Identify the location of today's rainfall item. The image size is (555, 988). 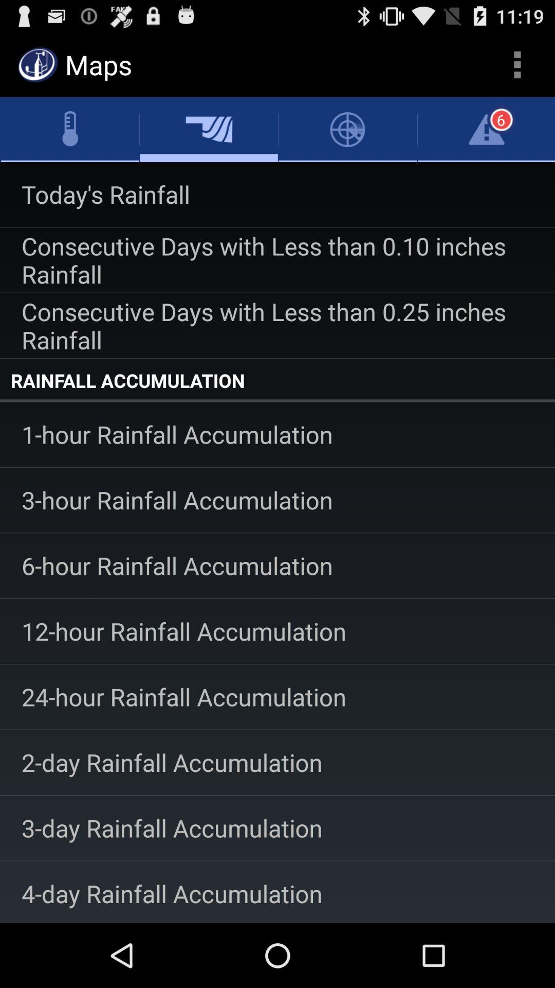
(277, 195).